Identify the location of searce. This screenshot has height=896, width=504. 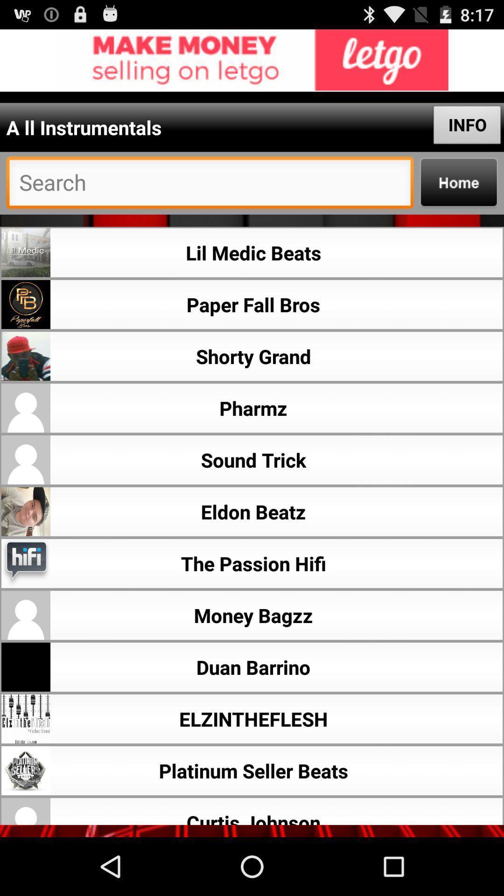
(210, 185).